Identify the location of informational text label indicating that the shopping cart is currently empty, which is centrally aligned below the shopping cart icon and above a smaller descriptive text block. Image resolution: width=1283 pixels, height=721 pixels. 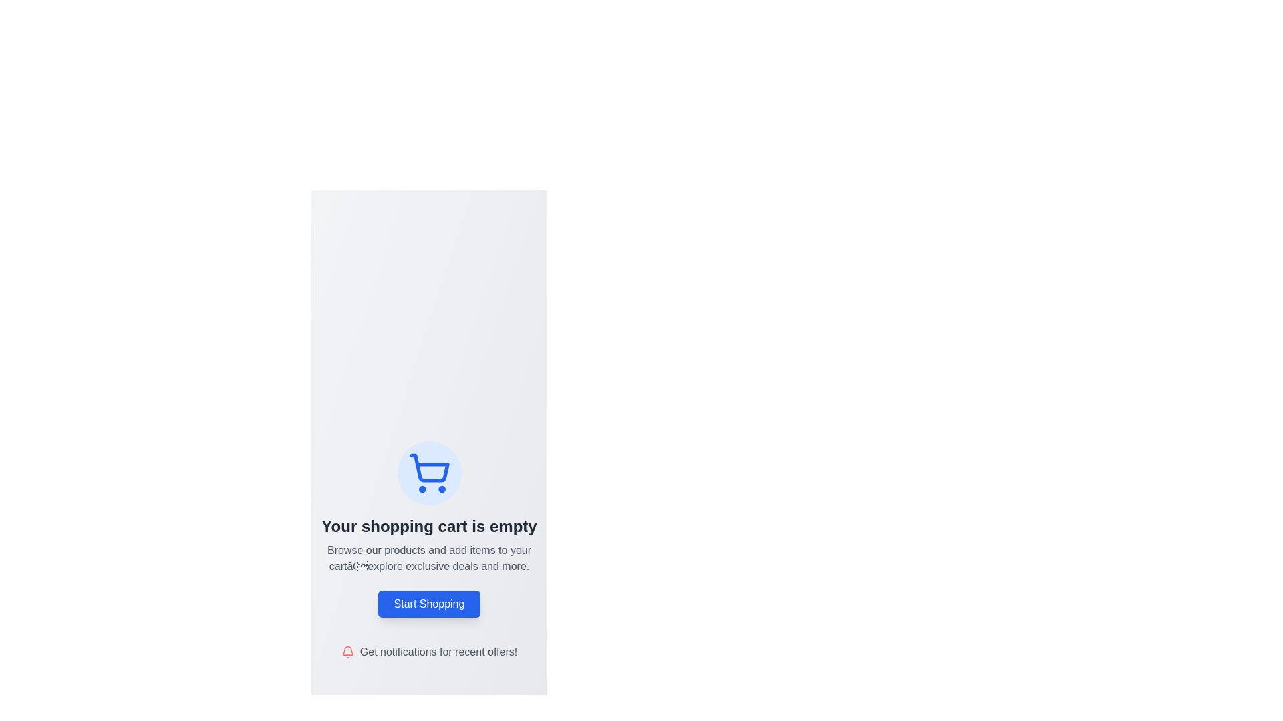
(429, 526).